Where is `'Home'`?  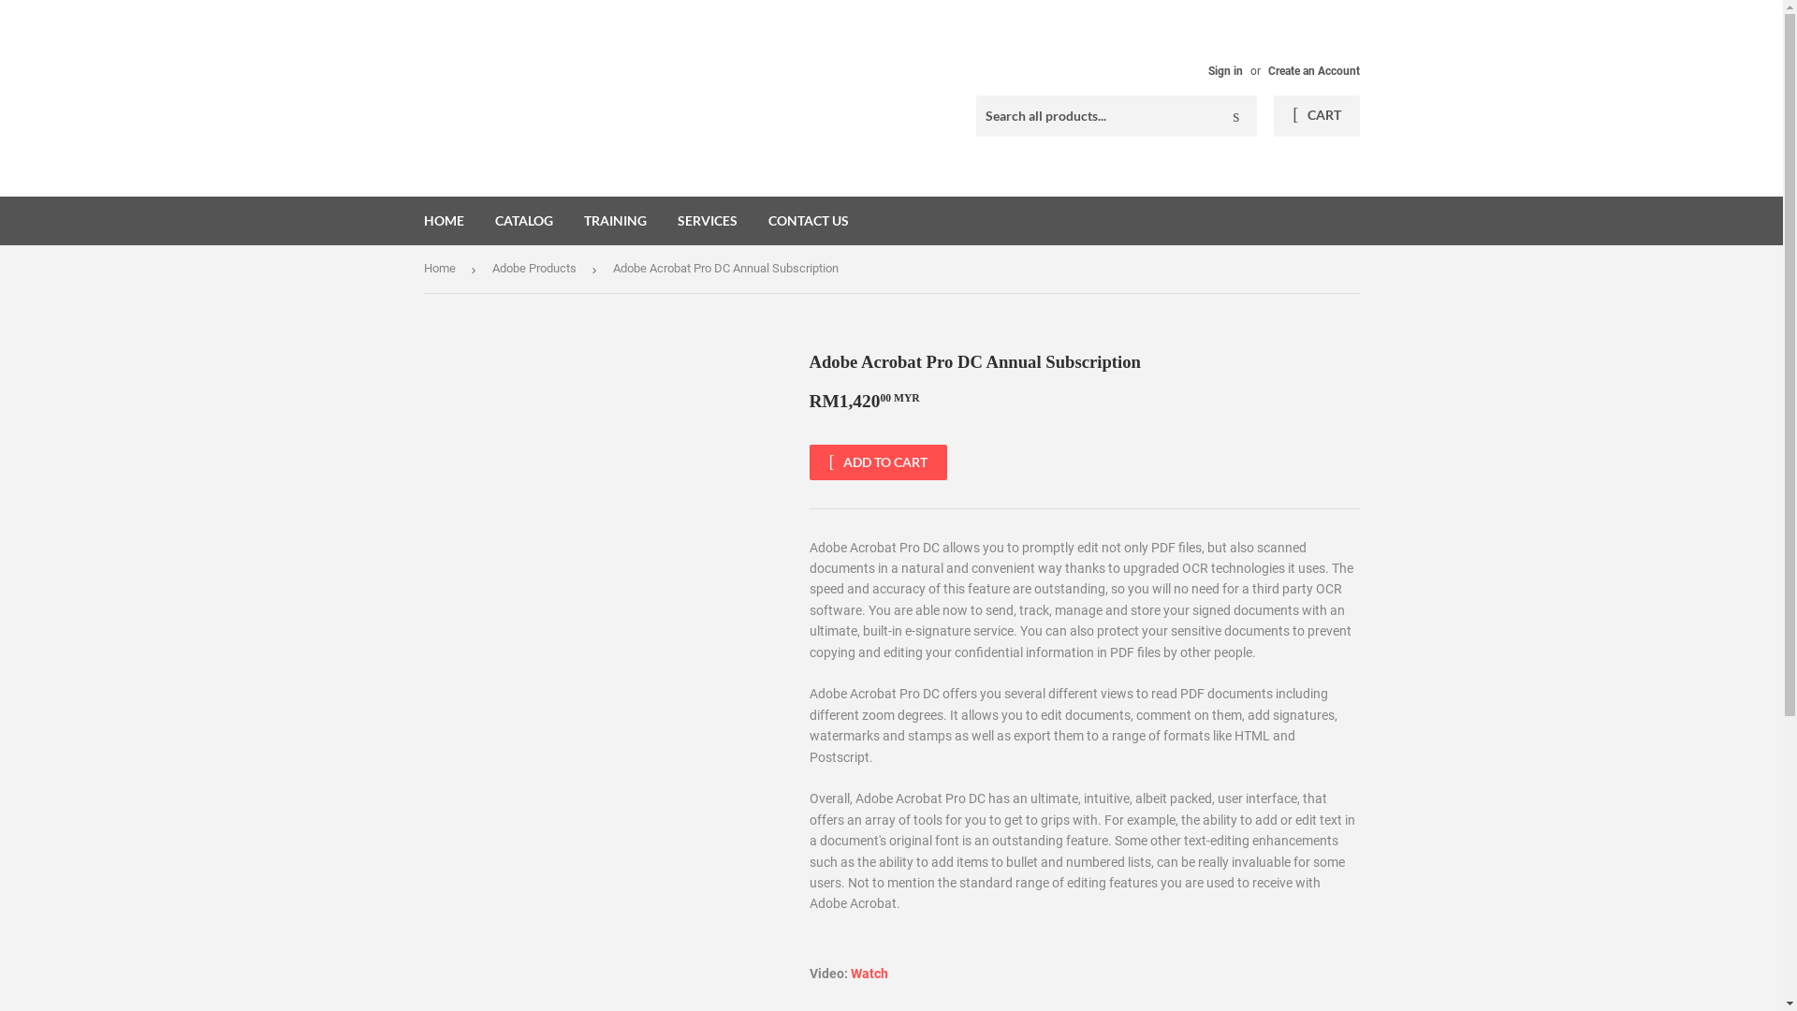 'Home' is located at coordinates (441, 269).